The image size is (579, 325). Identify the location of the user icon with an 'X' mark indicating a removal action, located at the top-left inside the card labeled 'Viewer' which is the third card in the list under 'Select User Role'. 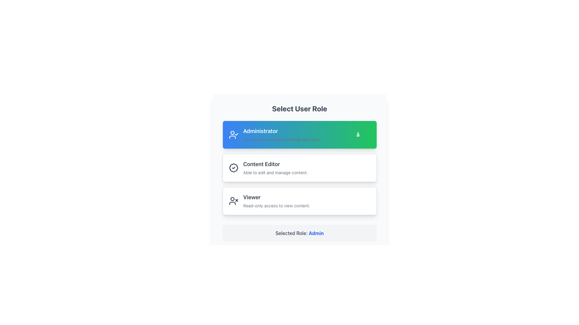
(233, 201).